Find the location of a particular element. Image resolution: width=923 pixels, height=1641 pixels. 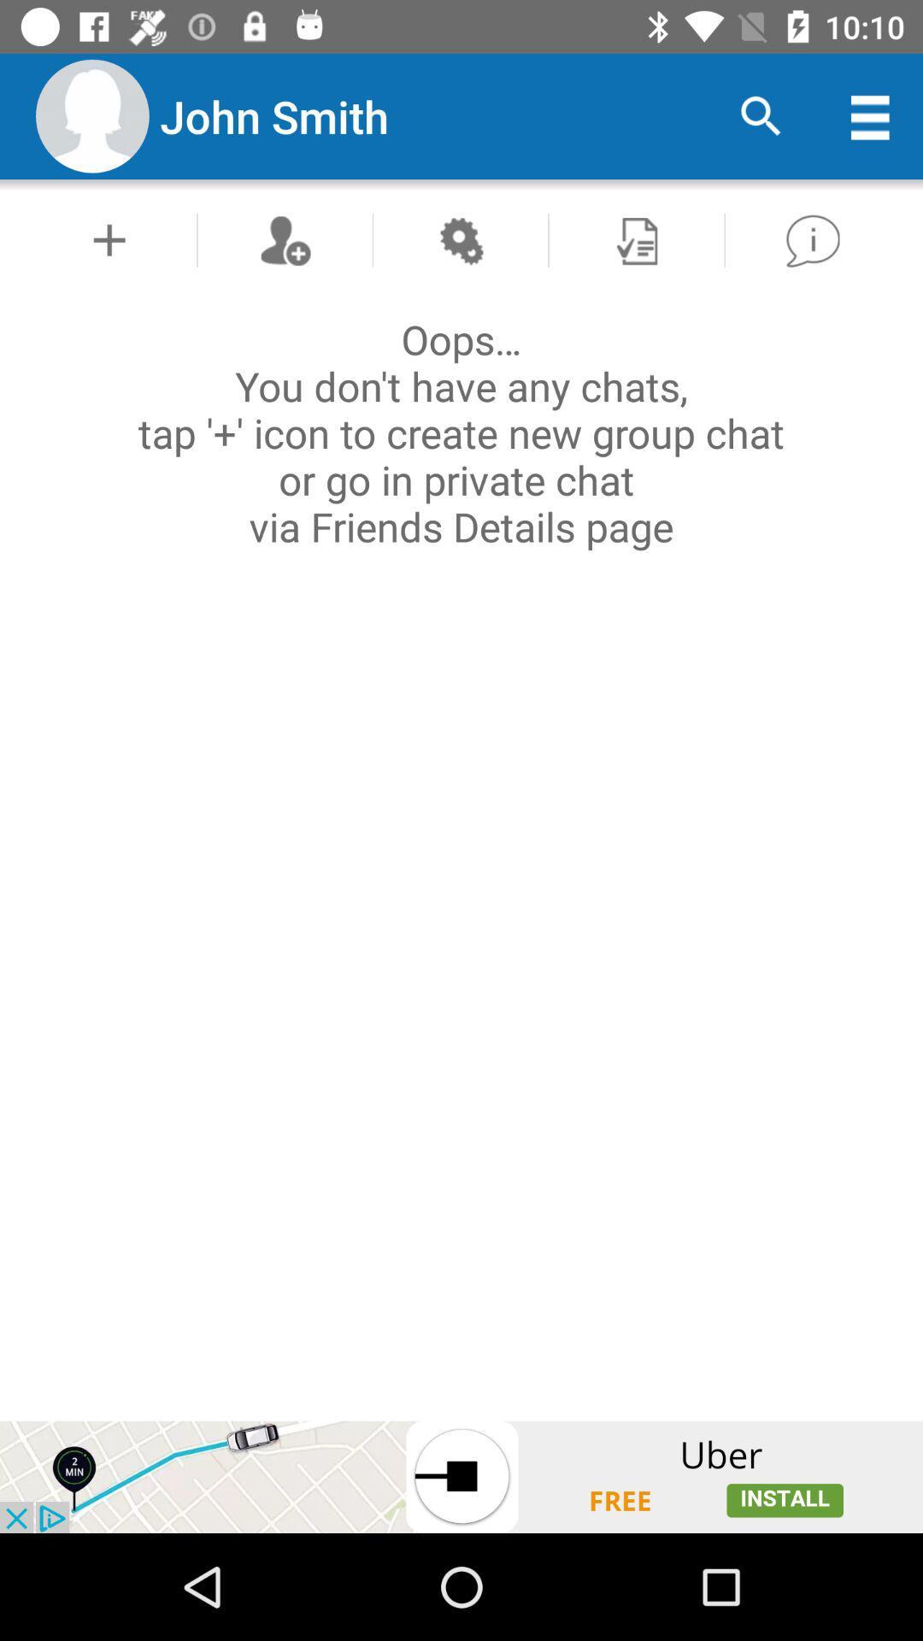

settings button is located at coordinates (460, 239).